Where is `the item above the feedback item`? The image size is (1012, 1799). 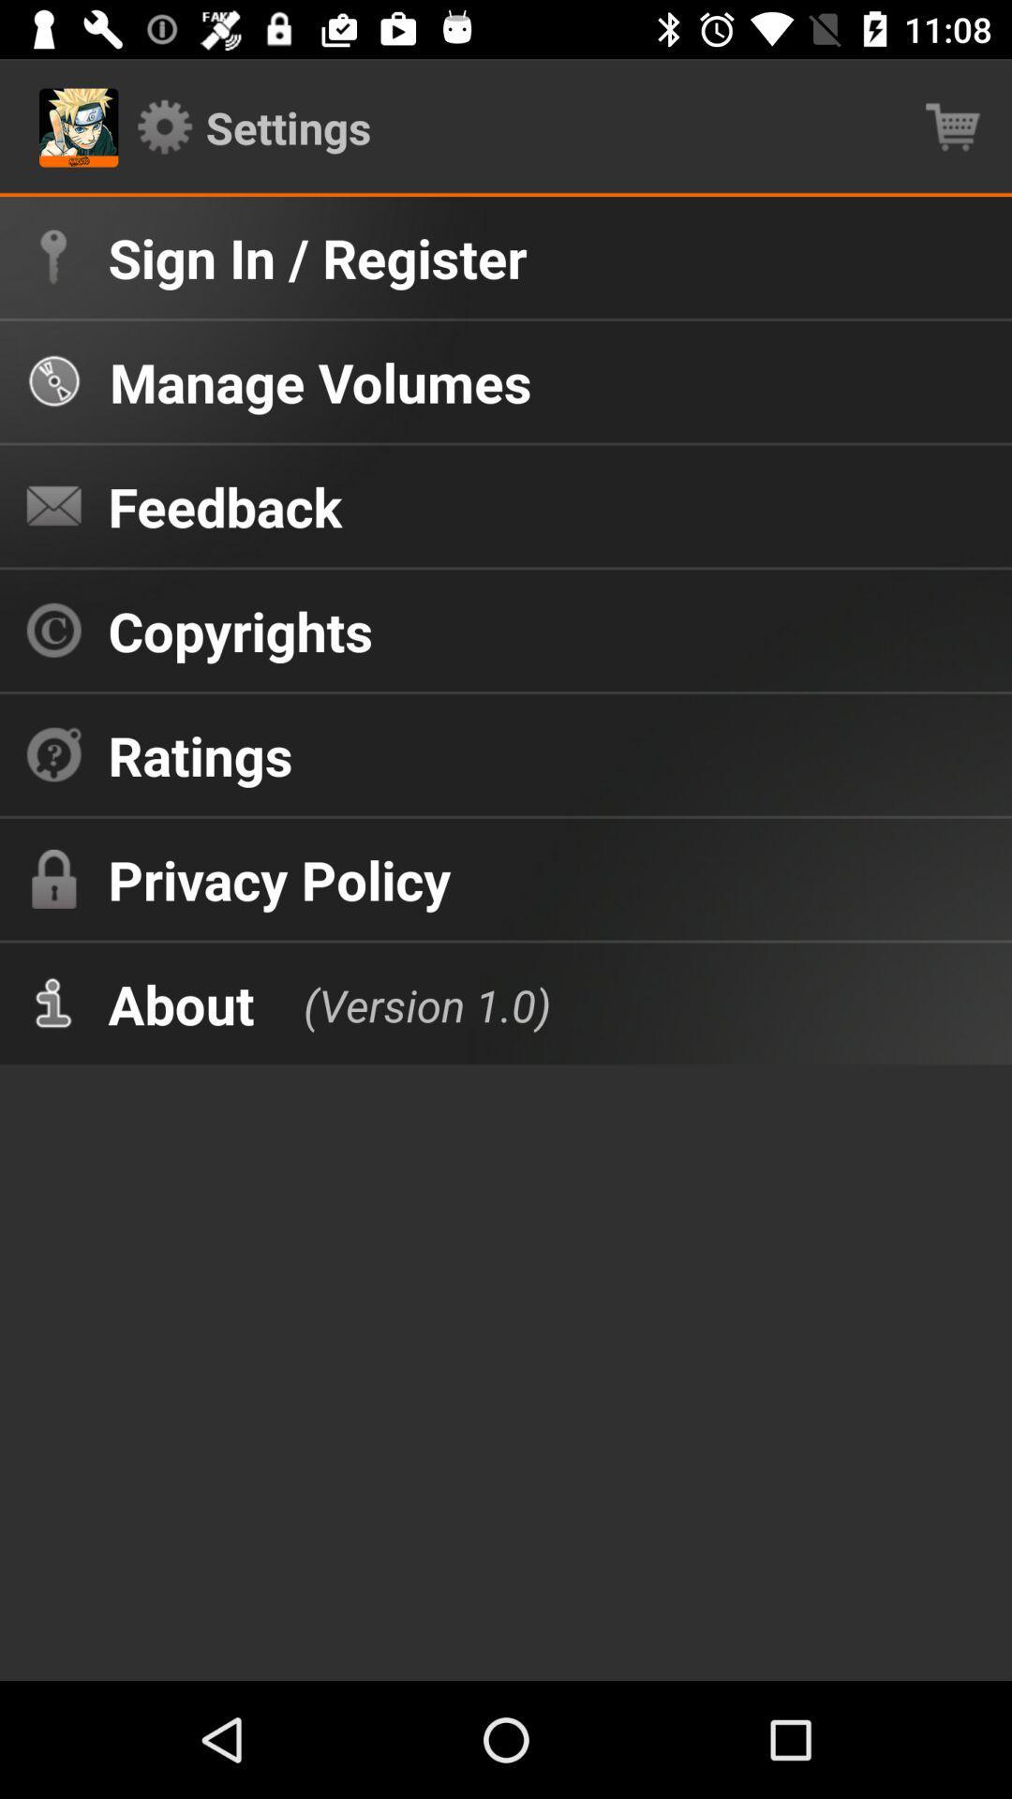
the item above the feedback item is located at coordinates (320, 380).